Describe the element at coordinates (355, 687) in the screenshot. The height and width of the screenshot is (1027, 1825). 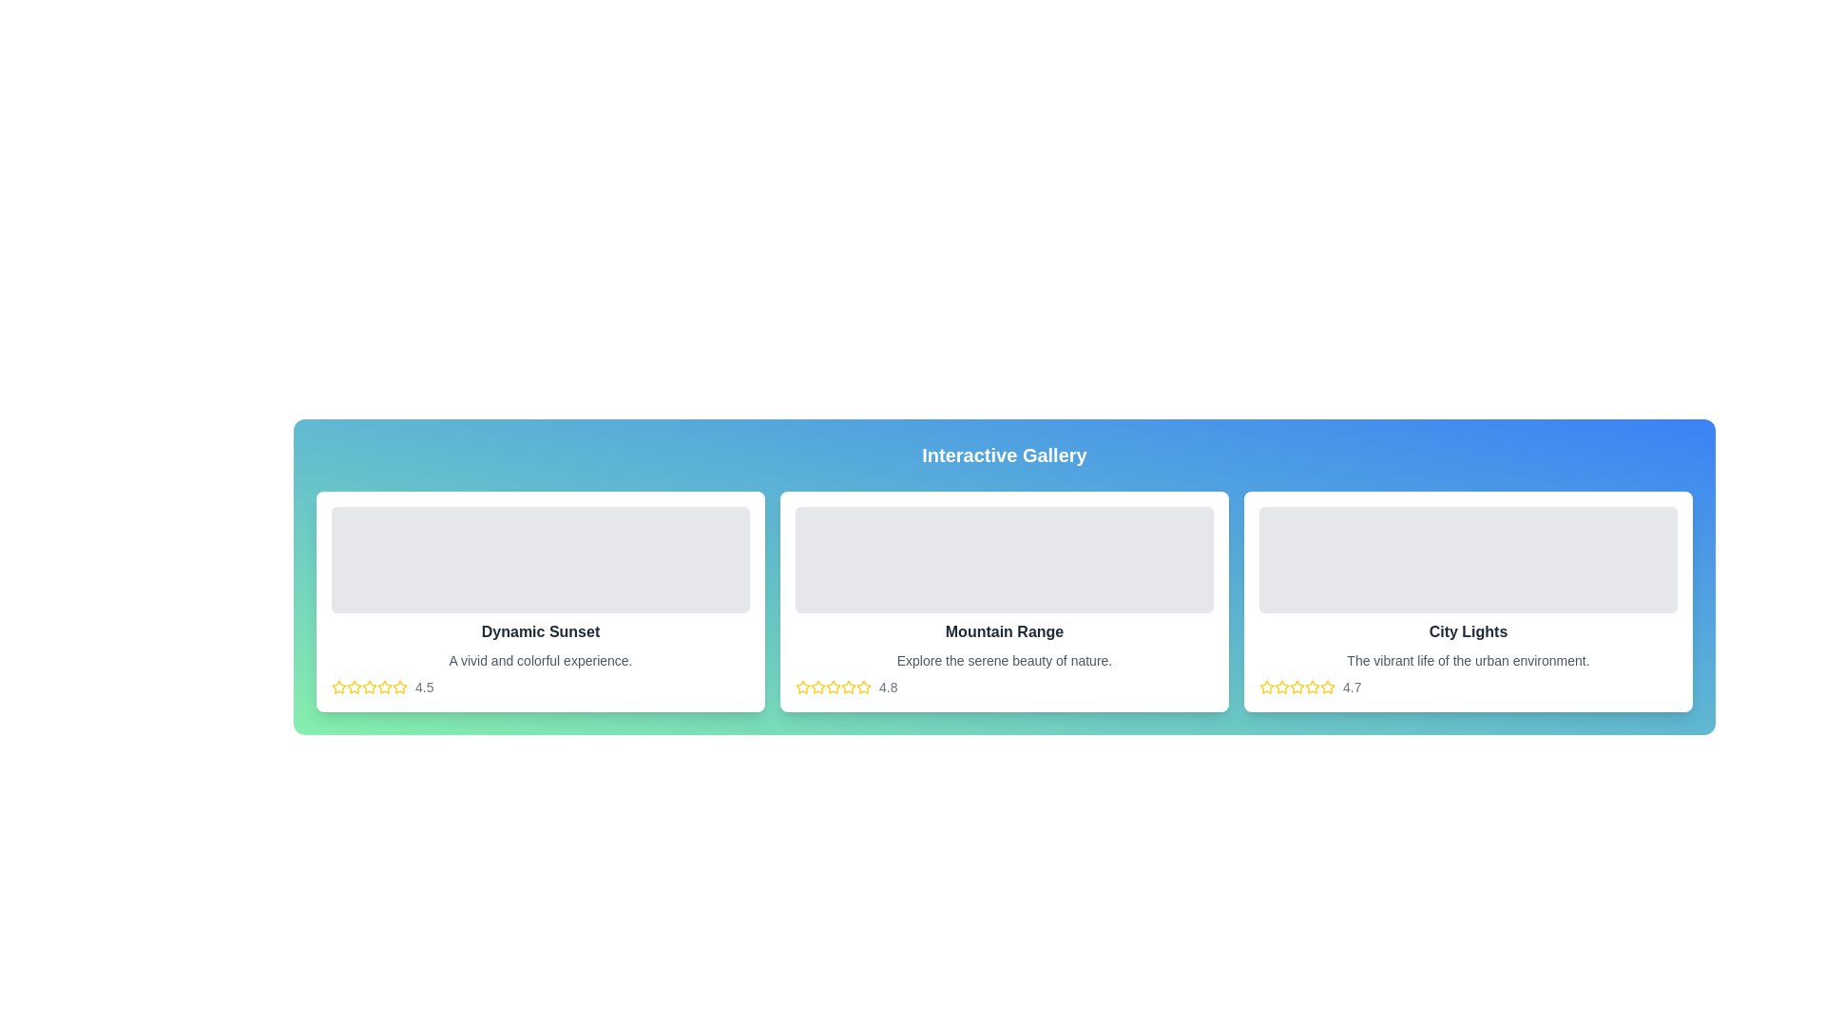
I see `the third yellow star icon in the rating system below the title 'Dynamic Sunset'` at that location.